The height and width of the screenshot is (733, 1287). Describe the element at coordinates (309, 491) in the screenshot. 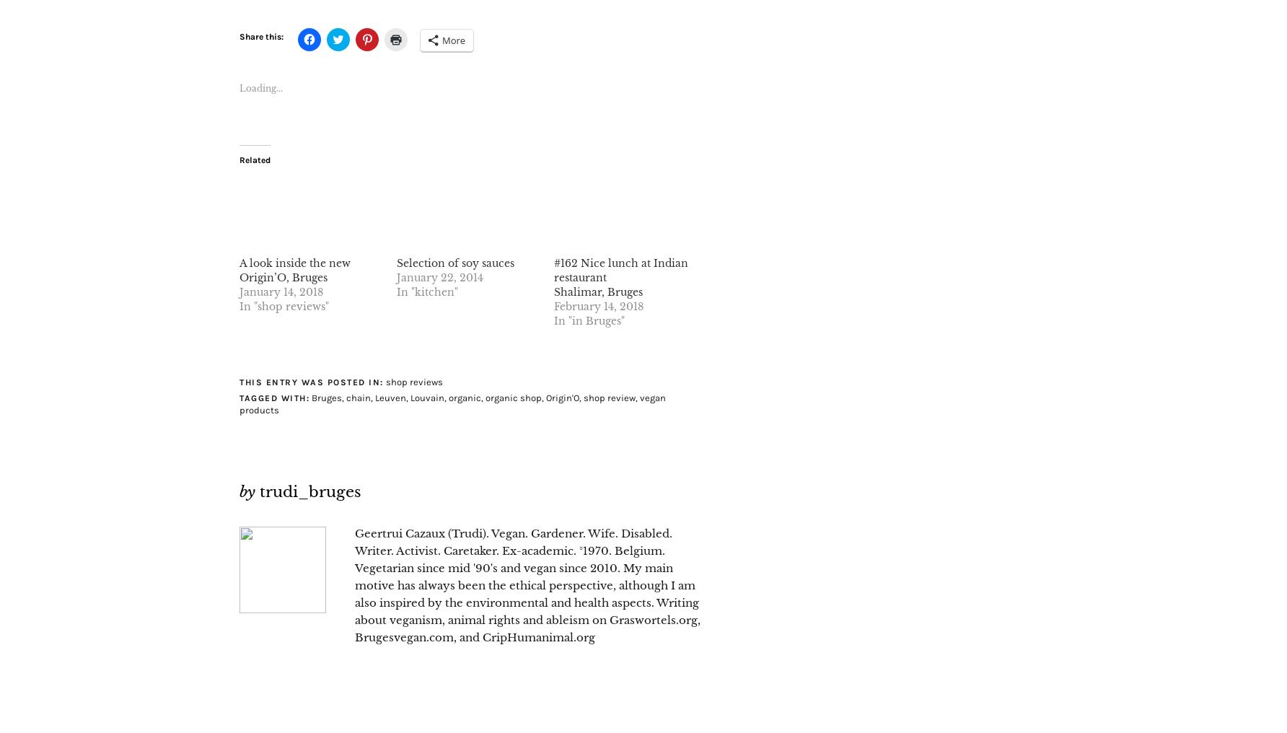

I see `'trudi_bruges'` at that location.